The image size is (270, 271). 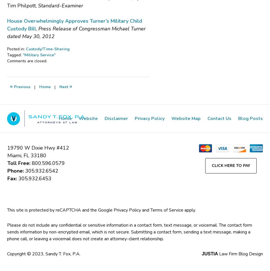 I want to click on 'House Overwhelmingly Approves Turner’s Military Child Custody Bill', so click(x=74, y=24).